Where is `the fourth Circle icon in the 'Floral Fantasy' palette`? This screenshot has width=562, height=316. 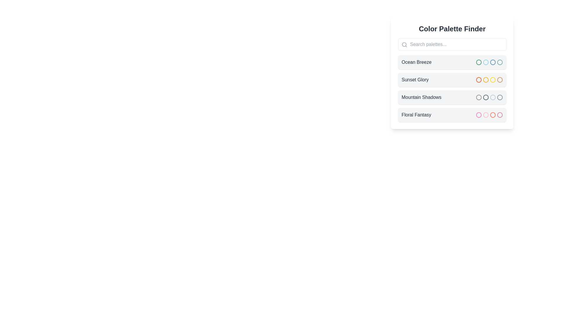
the fourth Circle icon in the 'Floral Fantasy' palette is located at coordinates (500, 115).